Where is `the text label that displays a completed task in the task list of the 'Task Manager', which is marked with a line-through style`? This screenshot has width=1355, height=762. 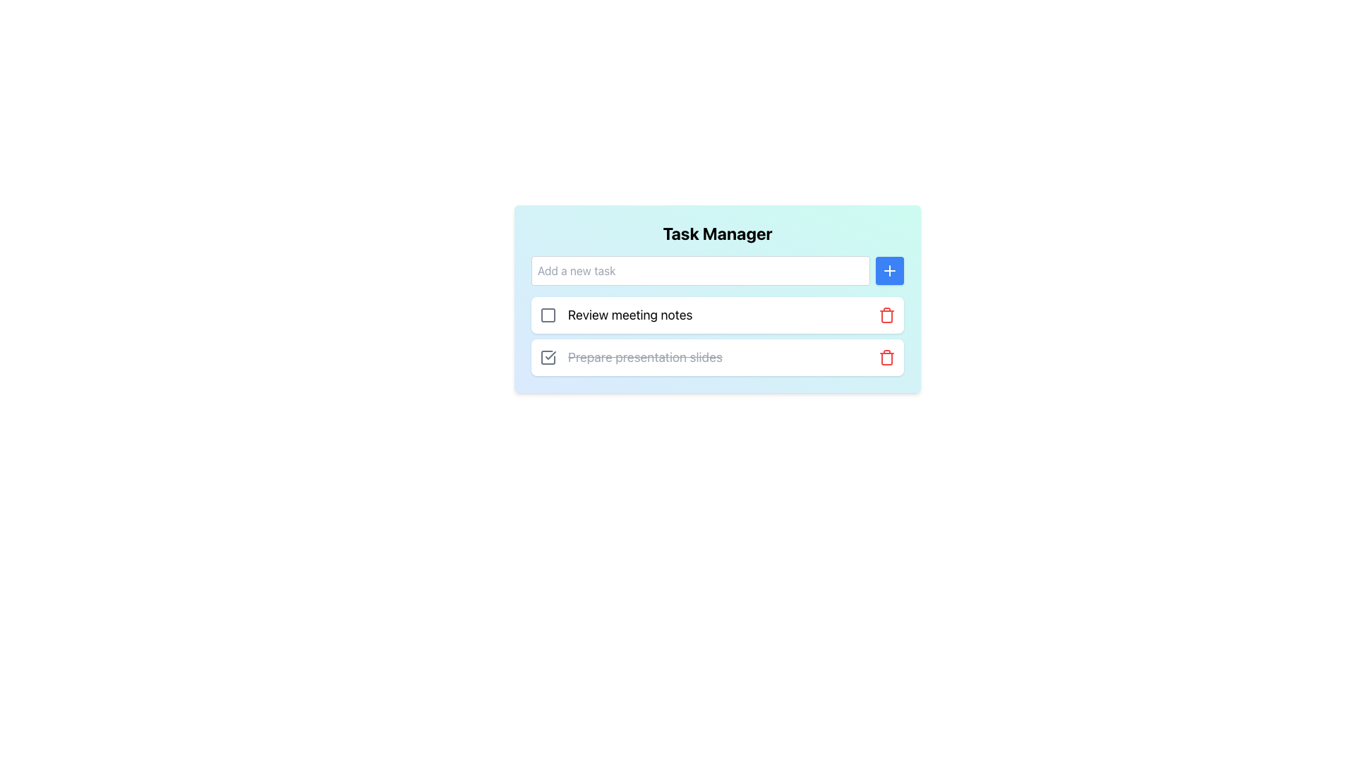 the text label that displays a completed task in the task list of the 'Task Manager', which is marked with a line-through style is located at coordinates (644, 356).